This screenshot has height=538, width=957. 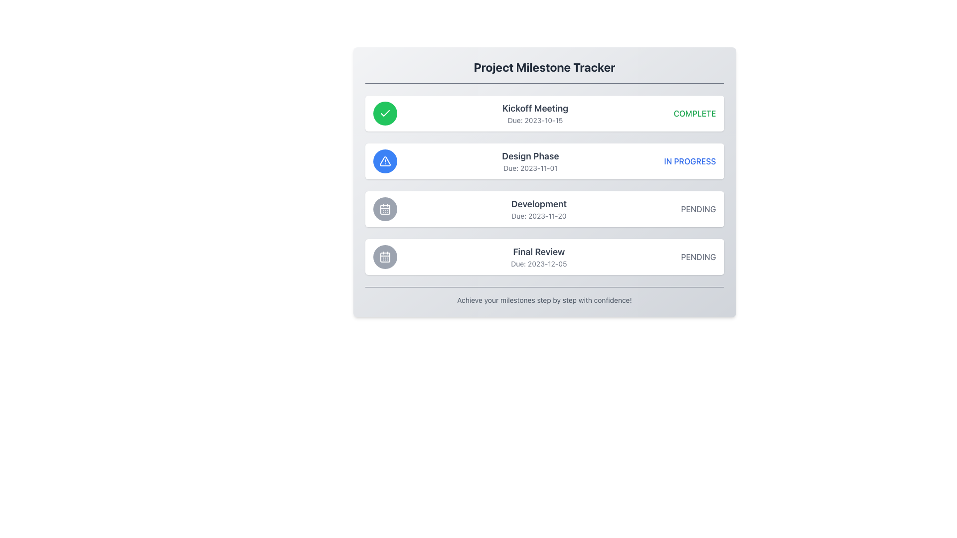 I want to click on the text label that reads 'Due: 2023-11-20', which is part of the 'Development' milestone row, positioned between the calendar icon on the left and the 'PENDING' status on the right, so click(x=538, y=216).